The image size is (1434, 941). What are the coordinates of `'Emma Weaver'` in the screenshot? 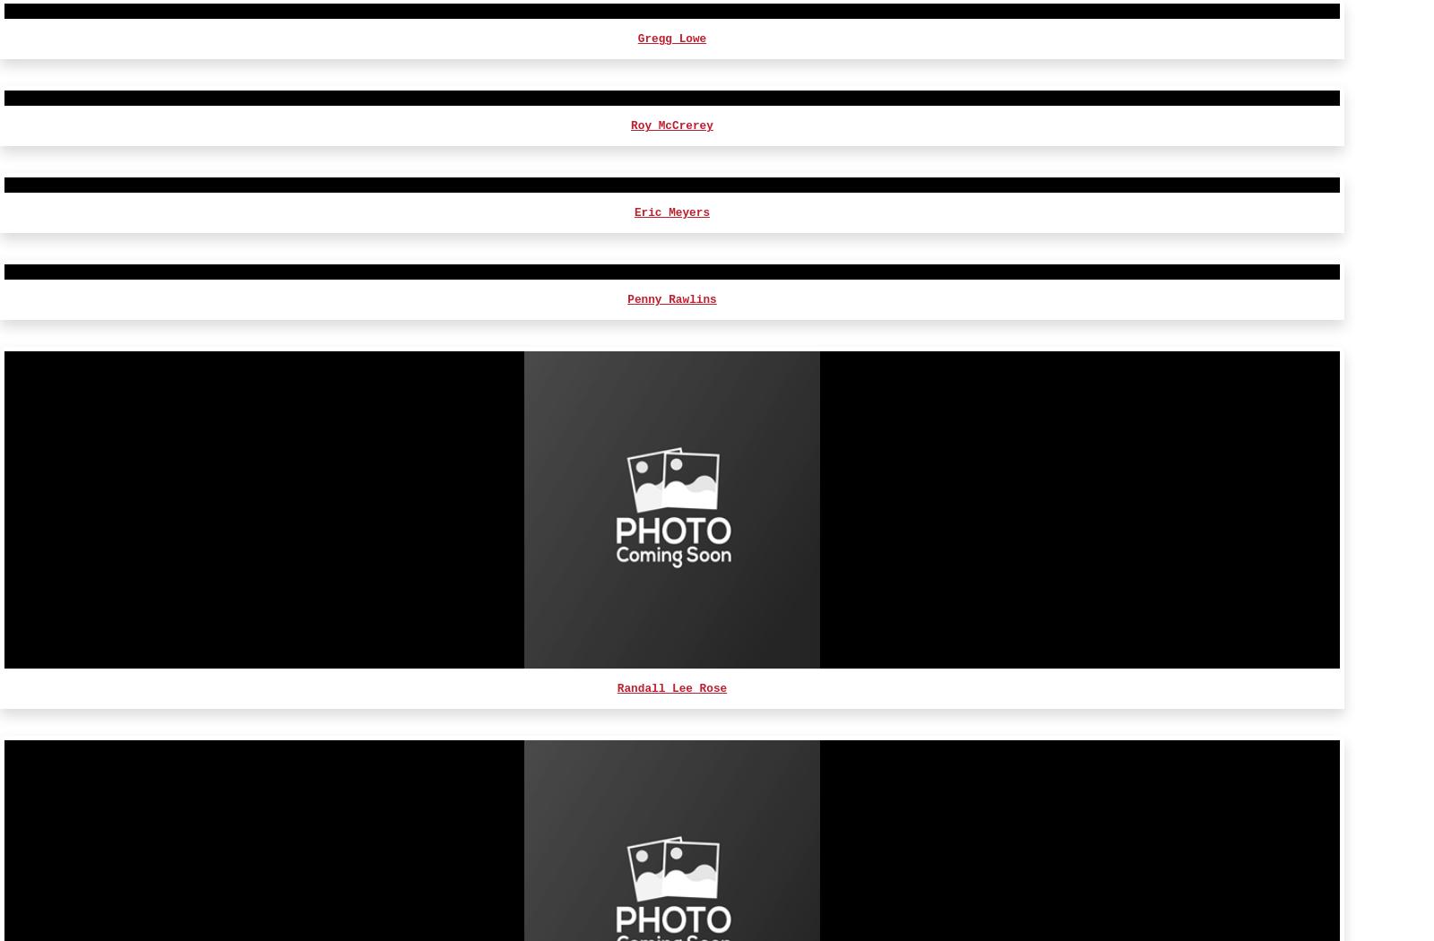 It's located at (671, 96).